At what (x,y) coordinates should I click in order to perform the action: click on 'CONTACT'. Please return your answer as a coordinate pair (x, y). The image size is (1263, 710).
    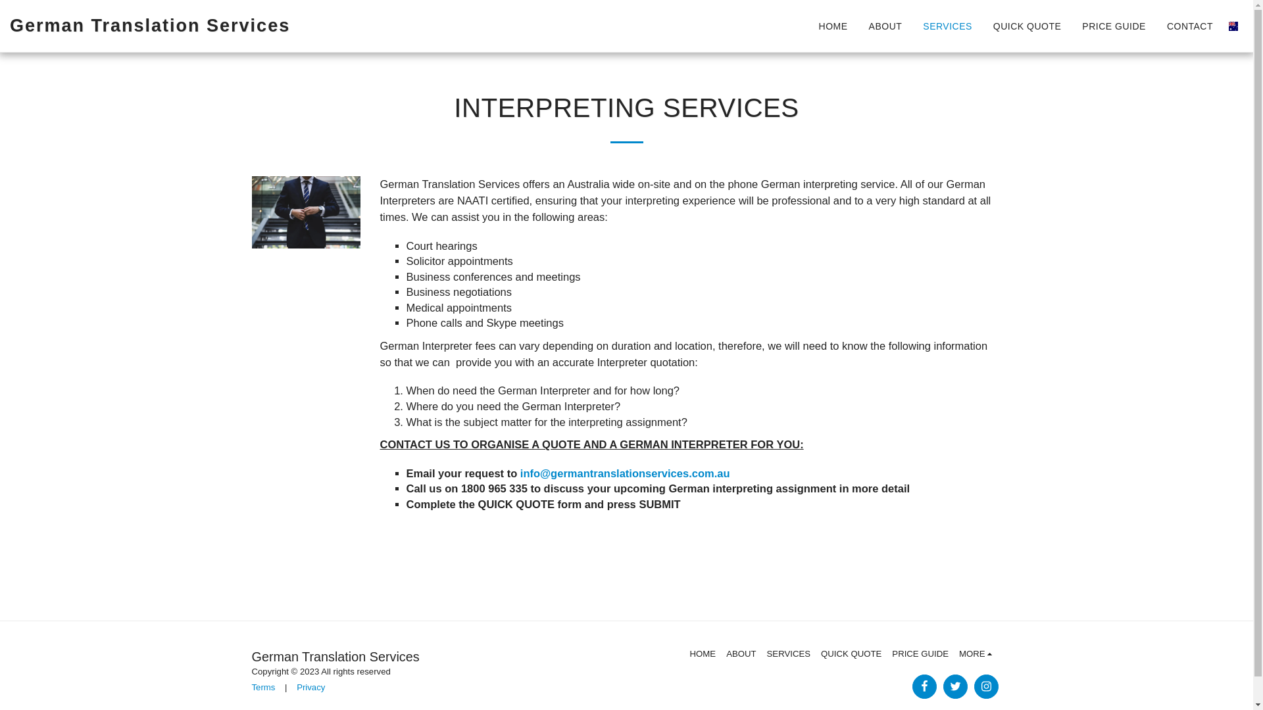
    Looking at the image, I should click on (1190, 26).